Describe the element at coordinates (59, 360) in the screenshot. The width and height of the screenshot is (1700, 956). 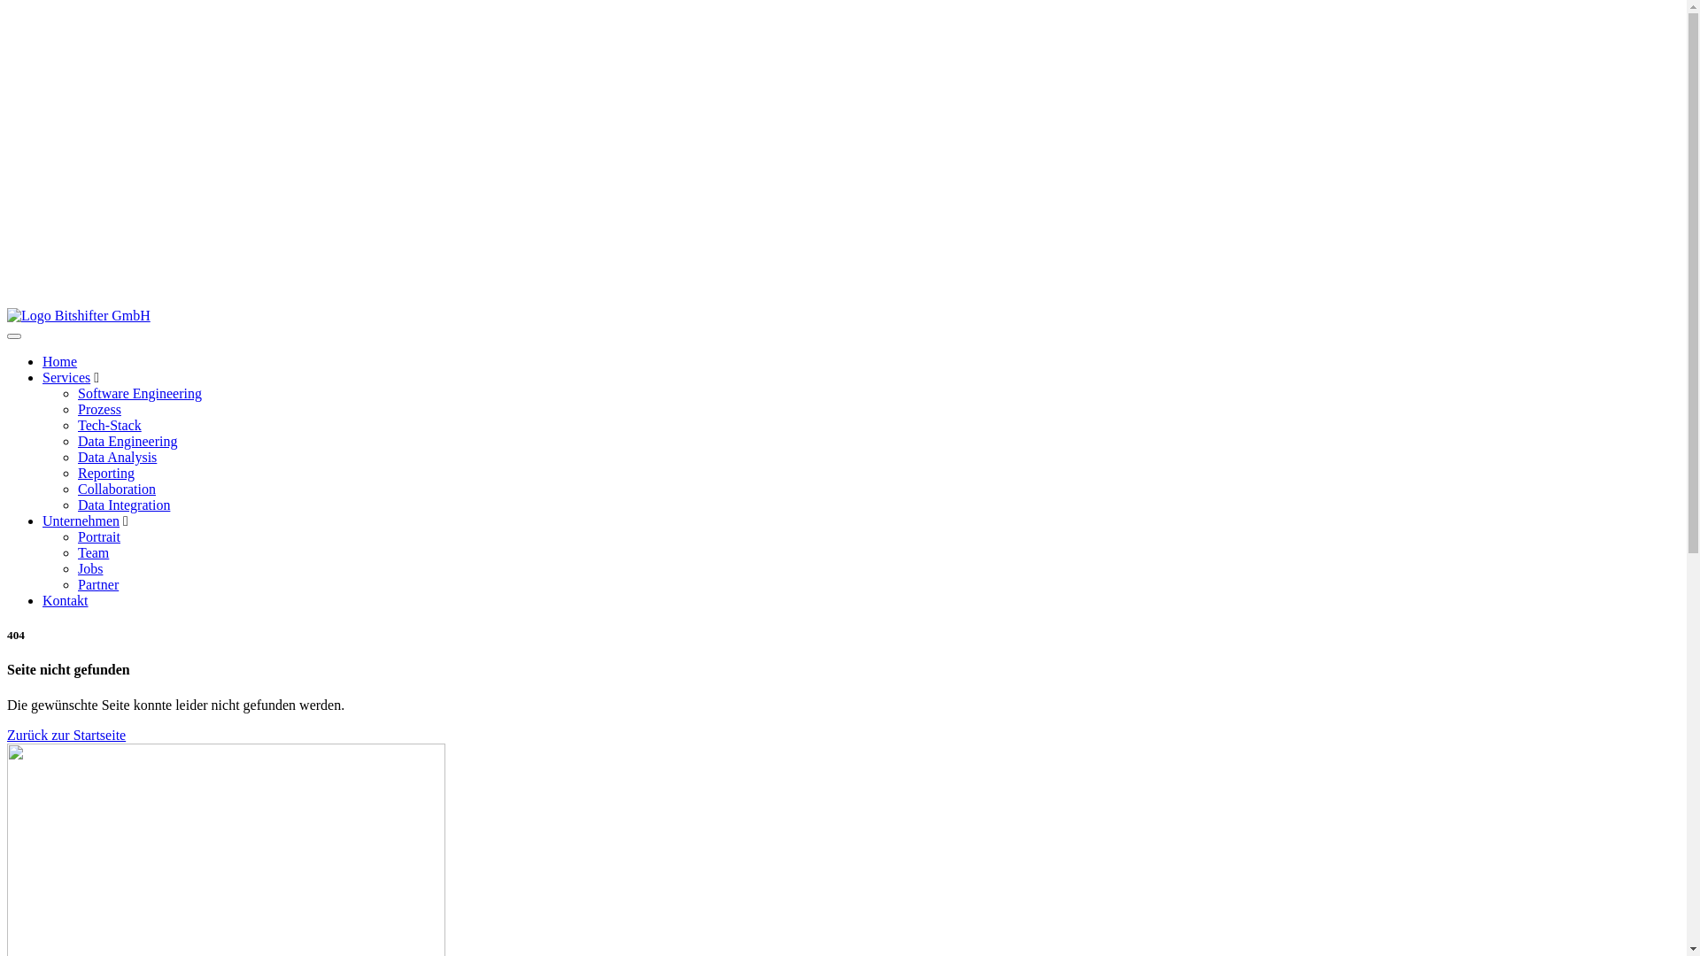
I see `'Home'` at that location.